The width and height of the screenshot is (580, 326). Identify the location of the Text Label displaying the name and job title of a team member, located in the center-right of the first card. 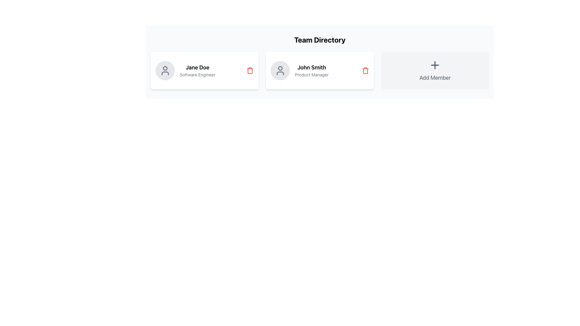
(198, 70).